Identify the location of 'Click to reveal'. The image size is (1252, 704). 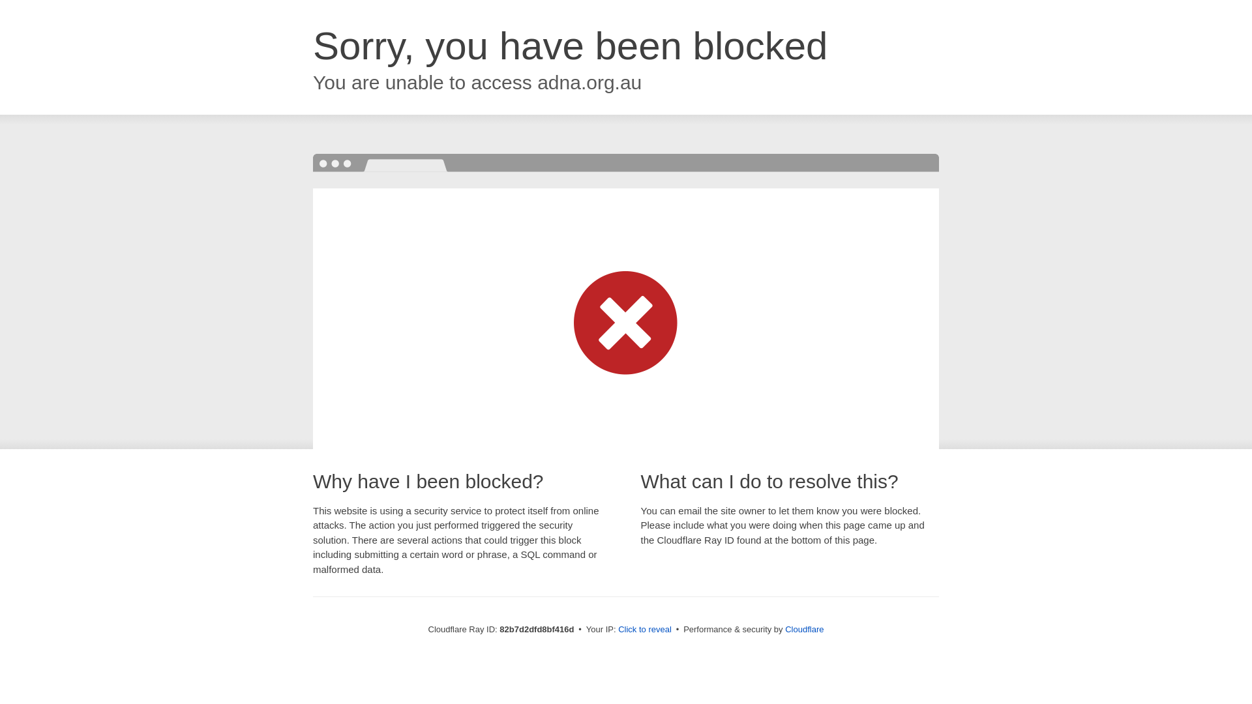
(644, 628).